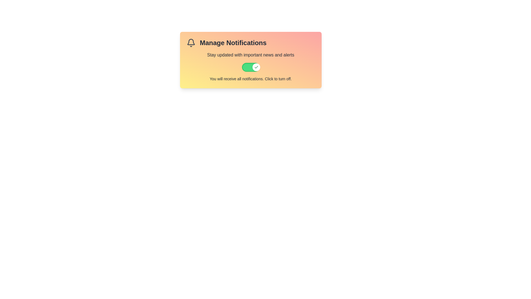  I want to click on the bell-shaped notification icon with a gray outline, positioned adjacent to the 'Manage Notifications' text on the left side of the gradient panel, so click(191, 42).